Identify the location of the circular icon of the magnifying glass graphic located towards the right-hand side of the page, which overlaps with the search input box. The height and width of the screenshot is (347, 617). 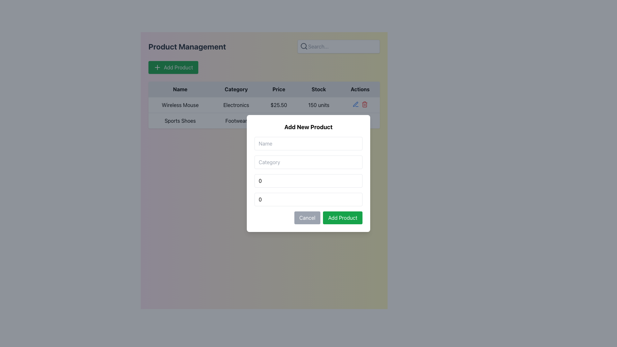
(303, 45).